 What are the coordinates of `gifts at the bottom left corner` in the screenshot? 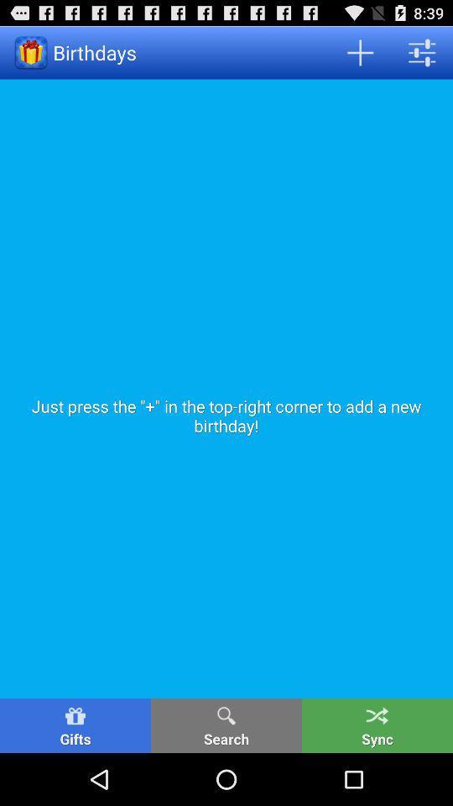 It's located at (75, 725).